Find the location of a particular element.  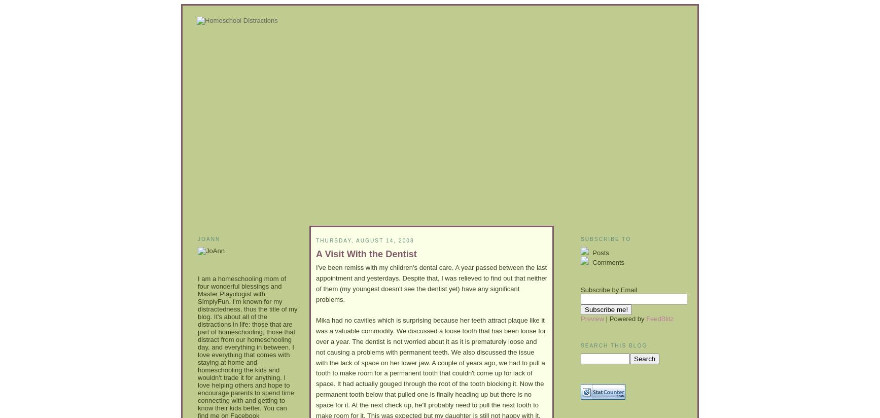

'FeedBlitz' is located at coordinates (659, 318).